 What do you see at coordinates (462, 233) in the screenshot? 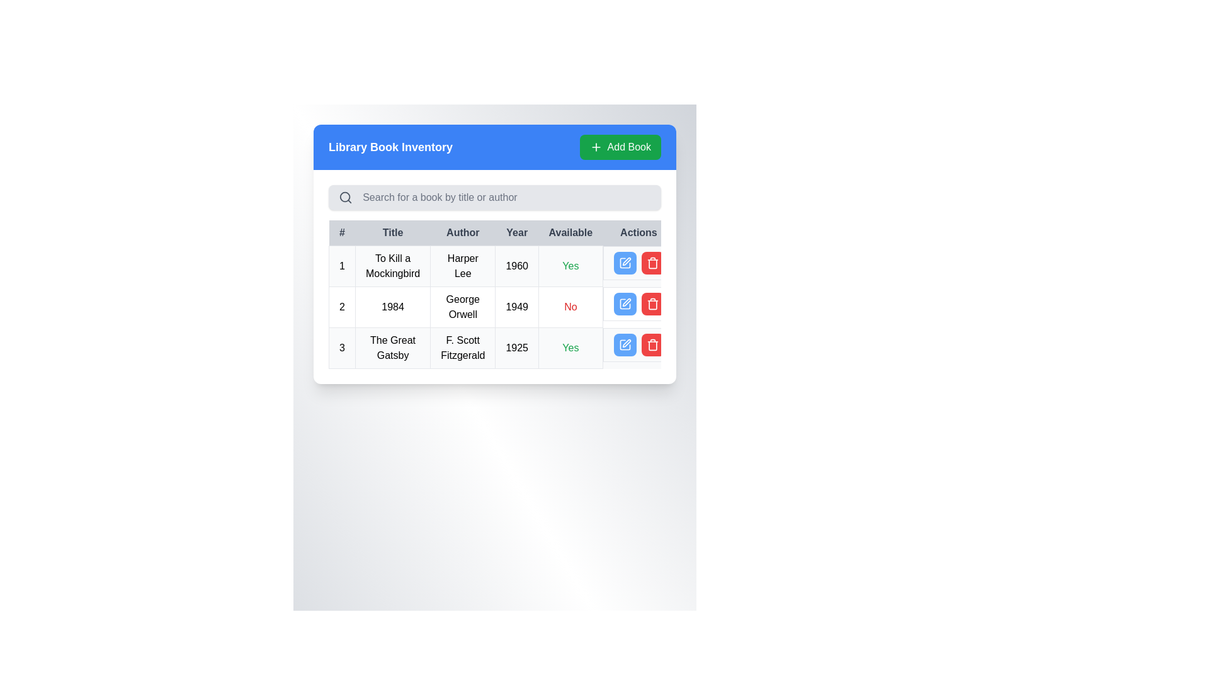
I see `the 'Author' column header in the table, which is the third column from the left, located between the 'Title' and 'Year' headers` at bounding box center [462, 233].